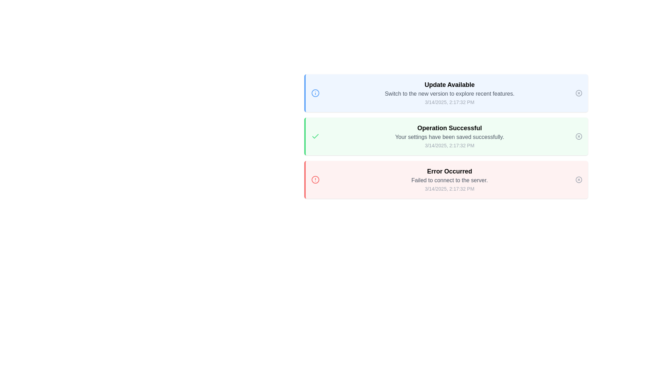 This screenshot has height=377, width=670. I want to click on the circular informational icon with a blue outline and a white interior, which contains a stylized 'i' symbol, located at the left of the 'Update Available' notification box, so click(315, 93).